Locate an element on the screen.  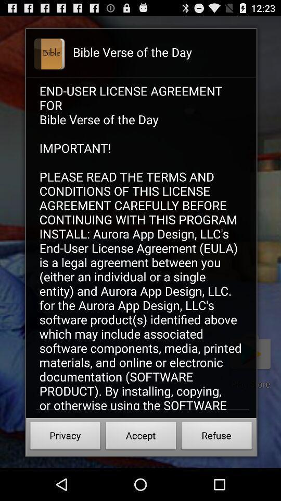
item to the left of the accept is located at coordinates (65, 437).